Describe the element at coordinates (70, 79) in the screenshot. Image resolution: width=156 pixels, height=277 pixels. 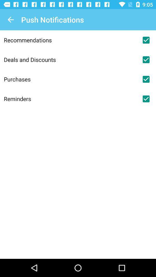
I see `item below the deals and discounts icon` at that location.